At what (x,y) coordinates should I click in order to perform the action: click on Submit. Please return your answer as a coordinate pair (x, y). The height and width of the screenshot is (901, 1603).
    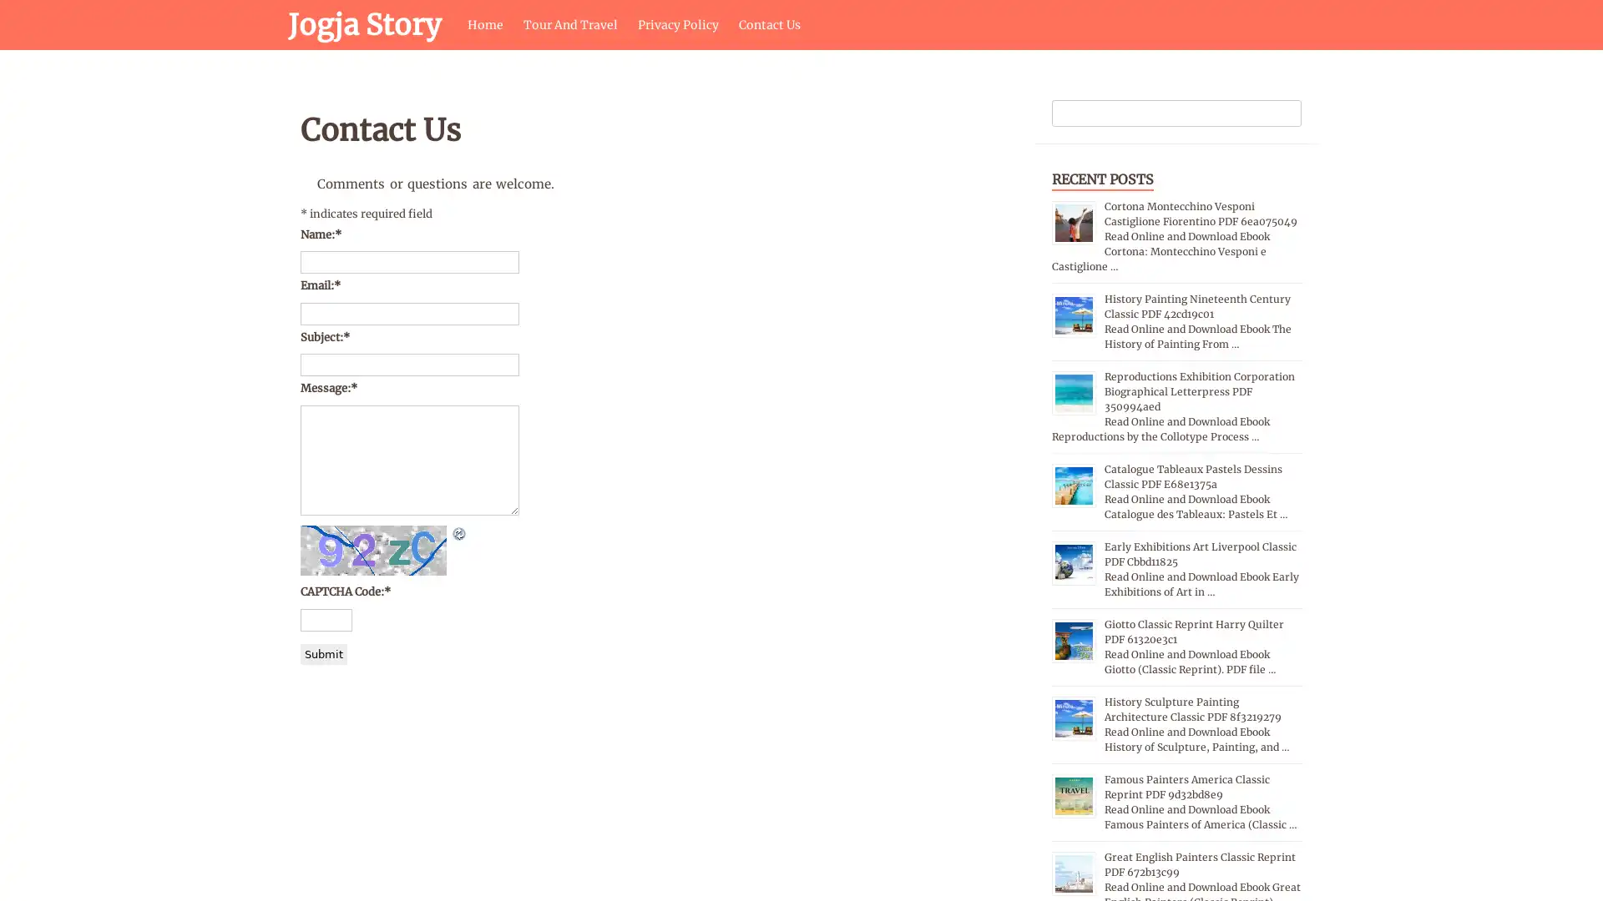
    Looking at the image, I should click on (324, 652).